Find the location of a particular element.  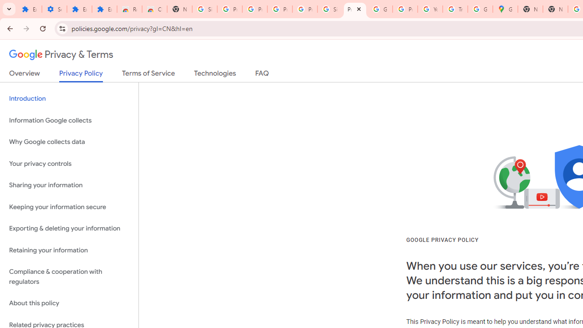

'Chrome Web Store - Themes' is located at coordinates (154, 9).